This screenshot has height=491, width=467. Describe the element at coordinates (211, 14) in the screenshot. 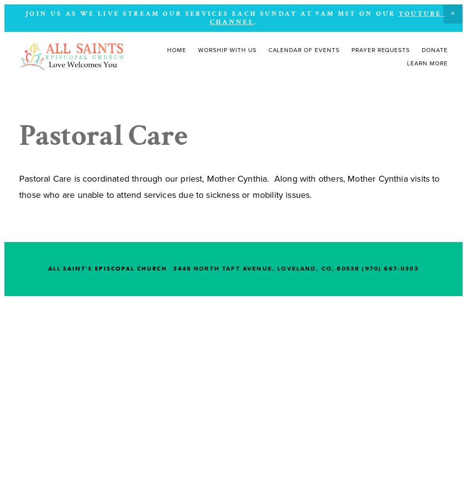

I see `'Join us as we live stream our services each Sunday at 9AM MST on our'` at that location.